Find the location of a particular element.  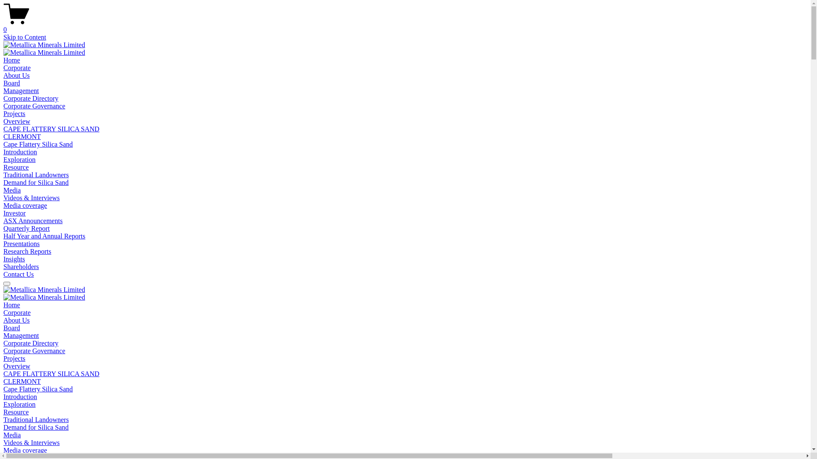

'Cape Flattery Silica Sand' is located at coordinates (37, 389).